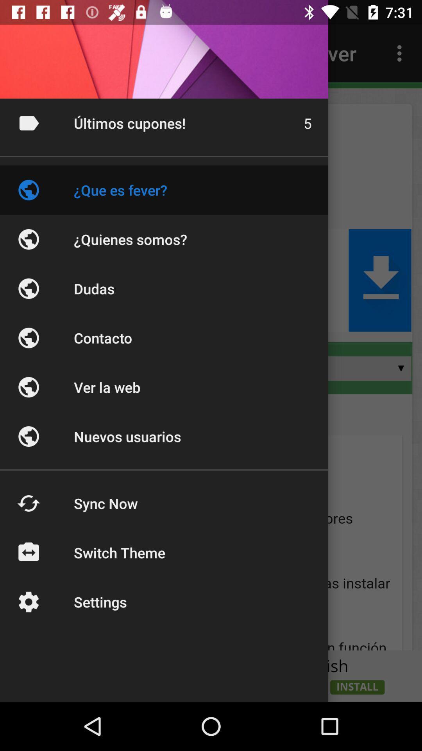  I want to click on the symbol which is to the left of the settings, so click(28, 602).